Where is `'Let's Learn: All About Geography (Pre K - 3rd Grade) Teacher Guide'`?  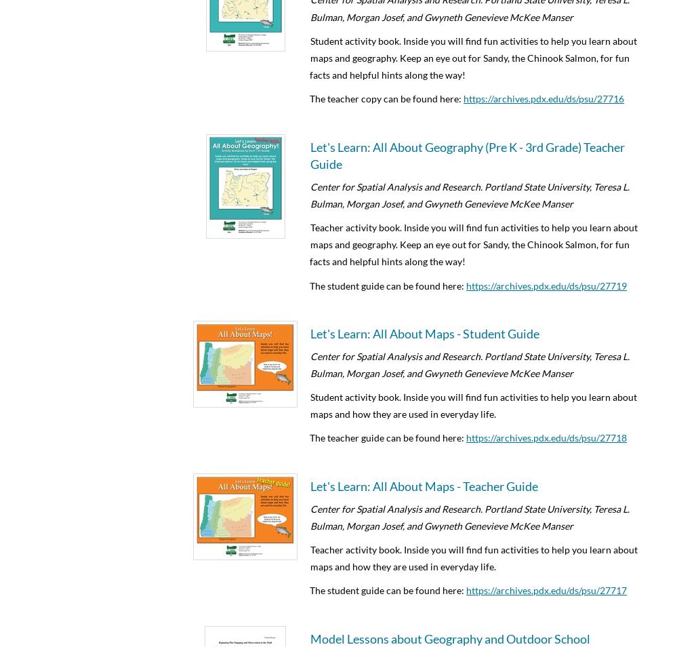
'Let's Learn: All About Geography (Pre K - 3rd Grade) Teacher Guide' is located at coordinates (468, 154).